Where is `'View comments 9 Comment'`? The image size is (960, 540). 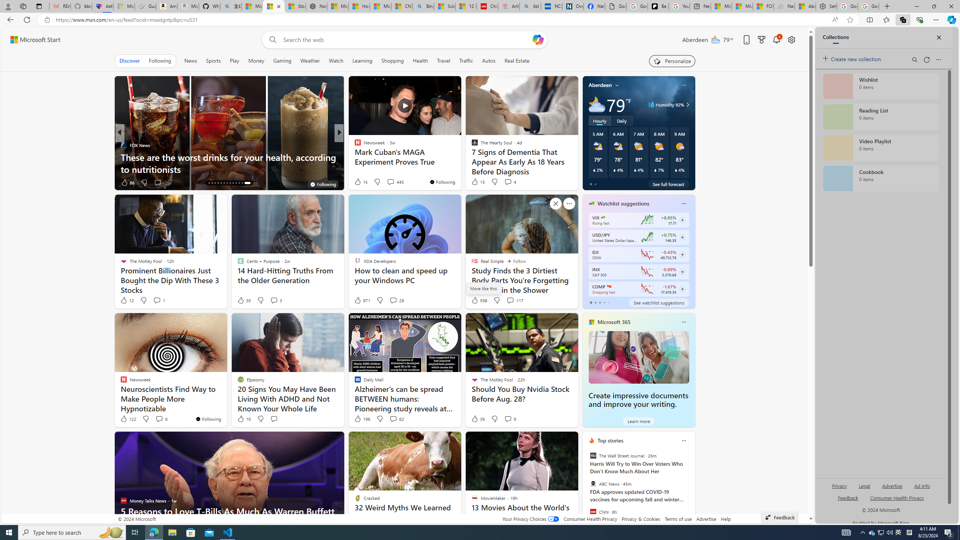 'View comments 9 Comment' is located at coordinates (510, 418).